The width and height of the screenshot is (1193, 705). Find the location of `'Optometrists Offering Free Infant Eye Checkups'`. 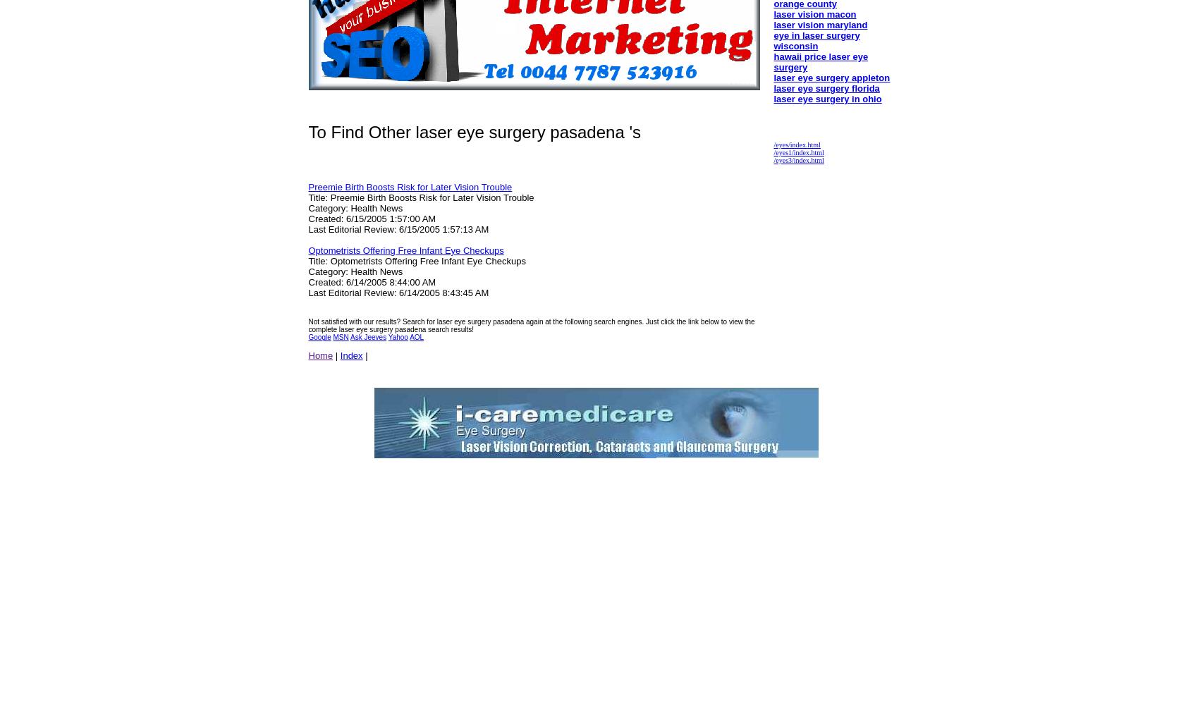

'Optometrists Offering Free Infant Eye Checkups' is located at coordinates (405, 250).